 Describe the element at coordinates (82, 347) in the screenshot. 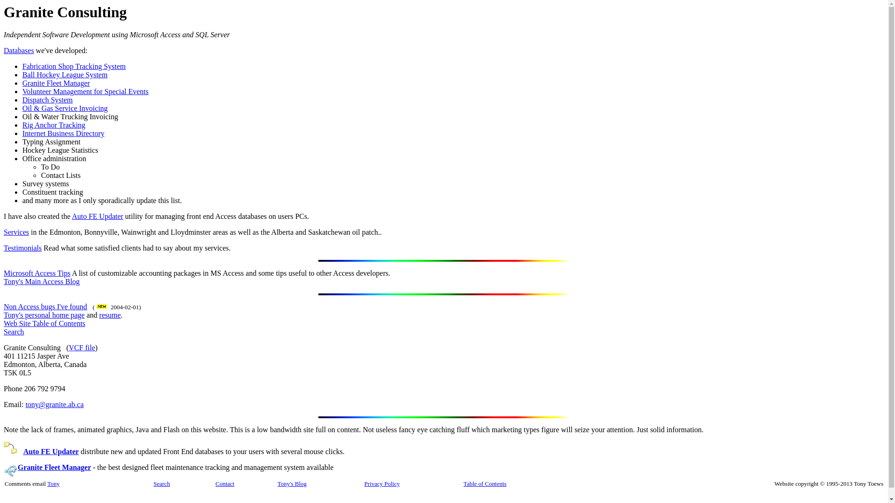

I see `'VCF file'` at that location.